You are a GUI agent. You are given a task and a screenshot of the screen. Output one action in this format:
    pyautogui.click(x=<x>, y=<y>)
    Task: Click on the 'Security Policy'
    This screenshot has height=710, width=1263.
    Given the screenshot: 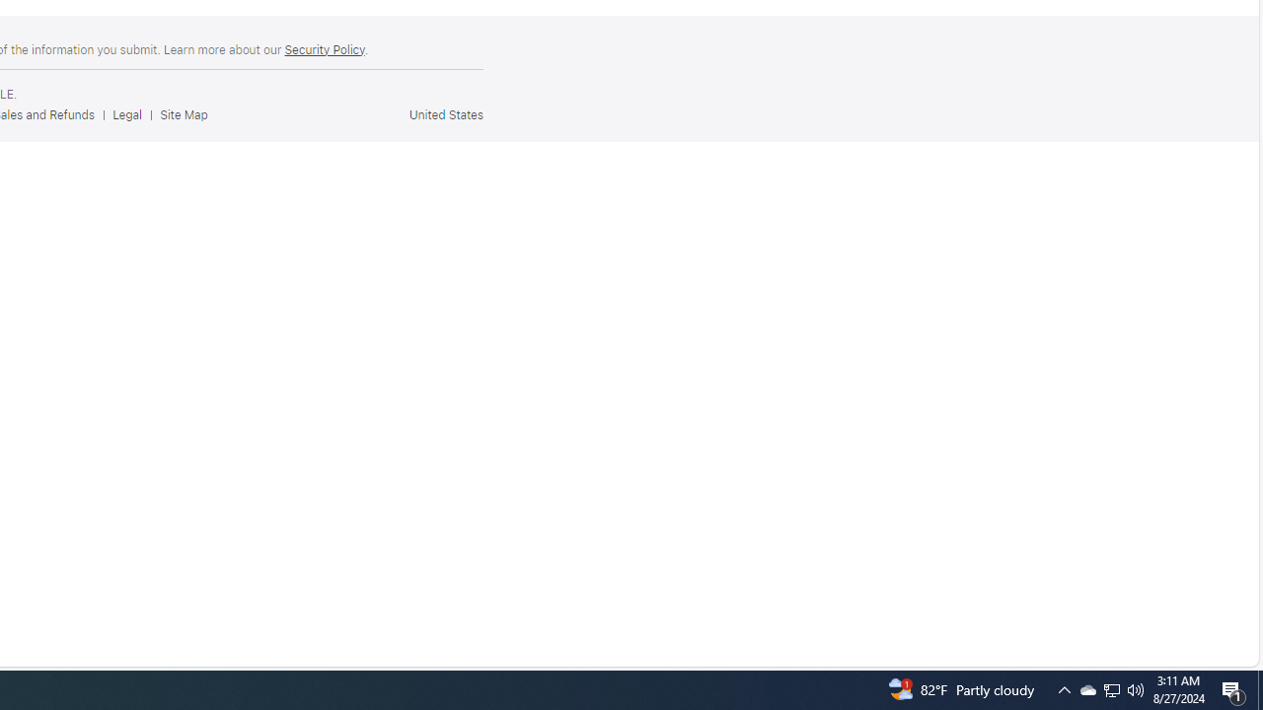 What is the action you would take?
    pyautogui.click(x=324, y=48)
    